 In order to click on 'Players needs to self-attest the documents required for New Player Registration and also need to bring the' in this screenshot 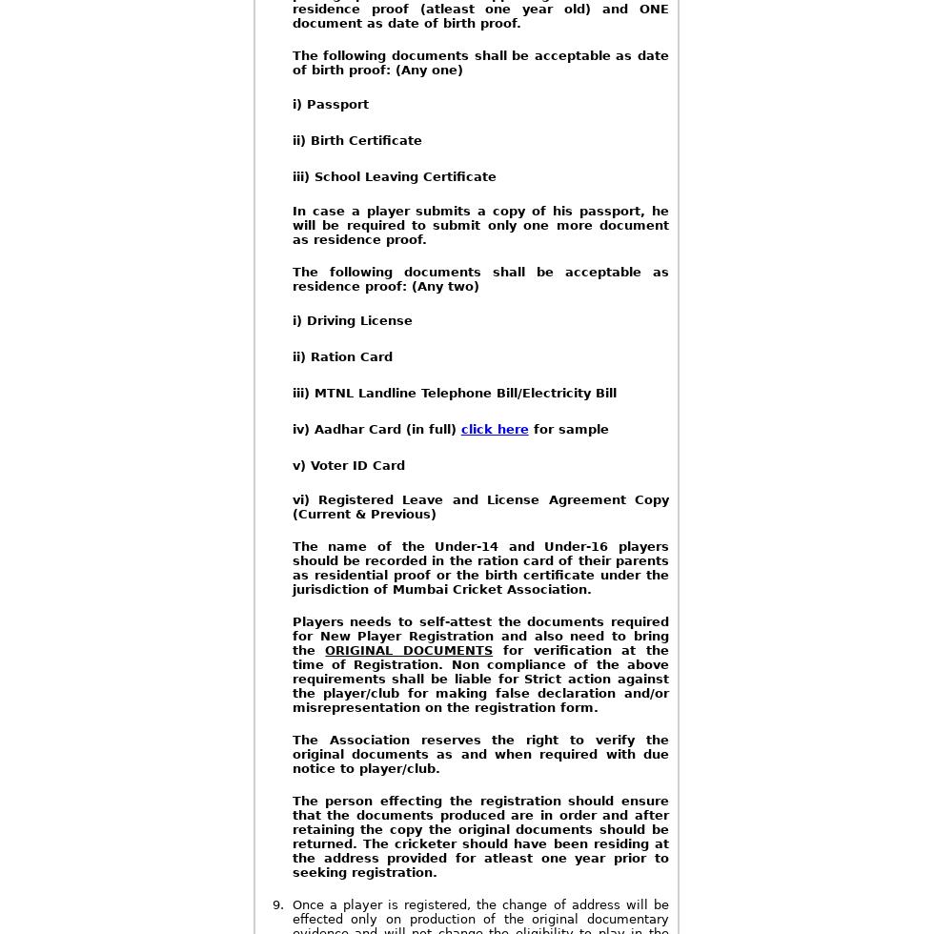, I will do `click(479, 636)`.